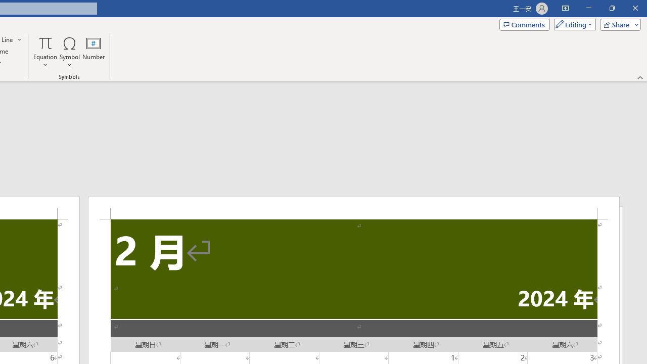 The width and height of the screenshot is (647, 364). Describe the element at coordinates (69, 52) in the screenshot. I see `'Symbol'` at that location.